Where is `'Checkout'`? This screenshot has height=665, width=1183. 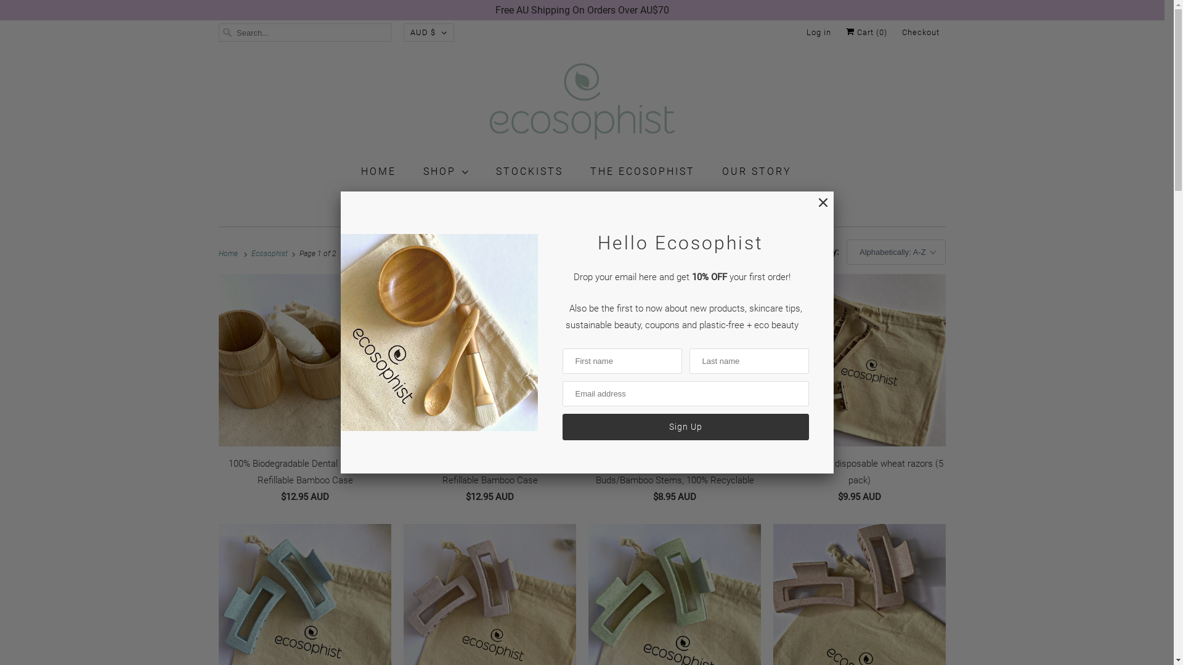 'Checkout' is located at coordinates (921, 32).